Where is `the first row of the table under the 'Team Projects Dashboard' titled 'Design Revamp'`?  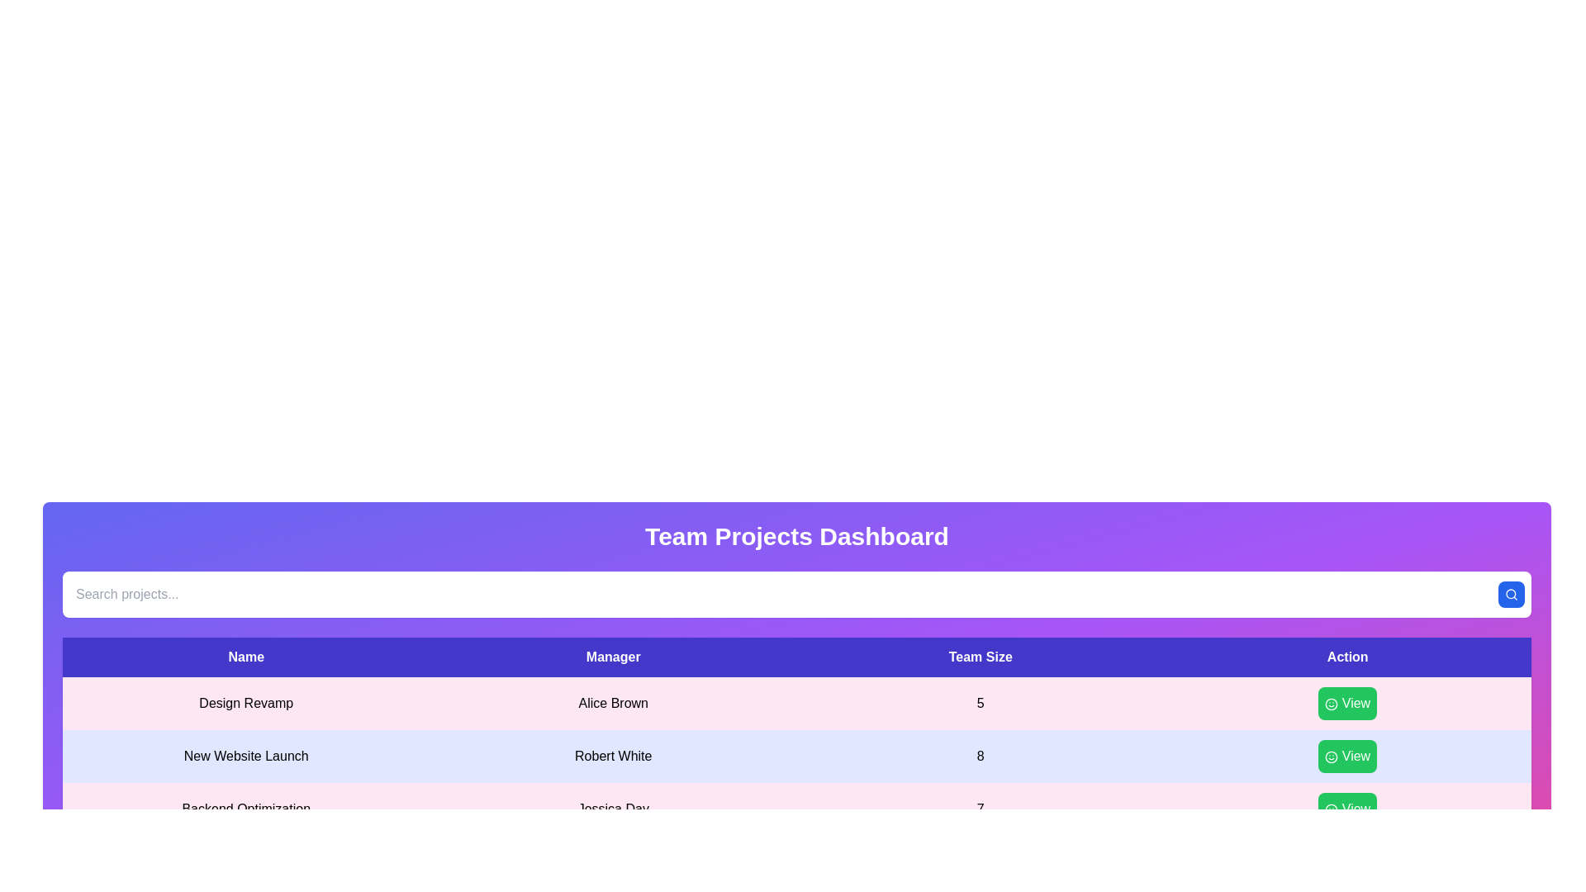 the first row of the table under the 'Team Projects Dashboard' titled 'Design Revamp' is located at coordinates (796, 704).